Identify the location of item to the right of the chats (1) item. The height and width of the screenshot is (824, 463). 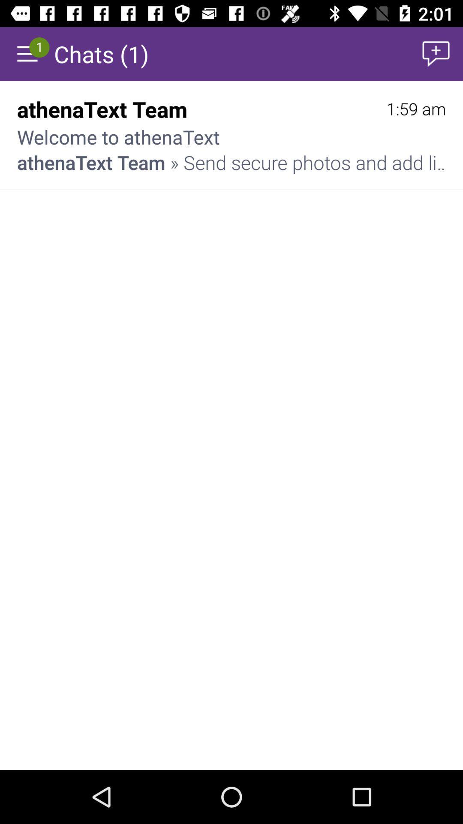
(436, 53).